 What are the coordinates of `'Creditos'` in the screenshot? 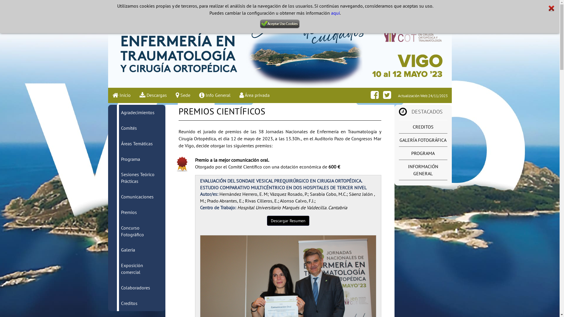 It's located at (129, 303).